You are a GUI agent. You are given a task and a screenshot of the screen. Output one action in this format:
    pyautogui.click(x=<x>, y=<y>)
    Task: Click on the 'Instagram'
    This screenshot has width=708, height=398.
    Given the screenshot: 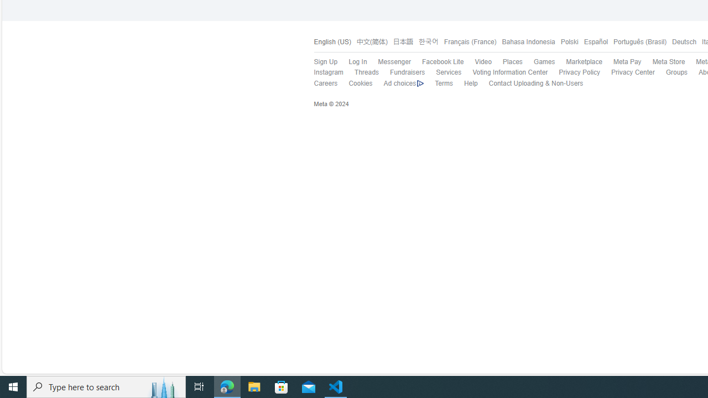 What is the action you would take?
    pyautogui.click(x=327, y=72)
    